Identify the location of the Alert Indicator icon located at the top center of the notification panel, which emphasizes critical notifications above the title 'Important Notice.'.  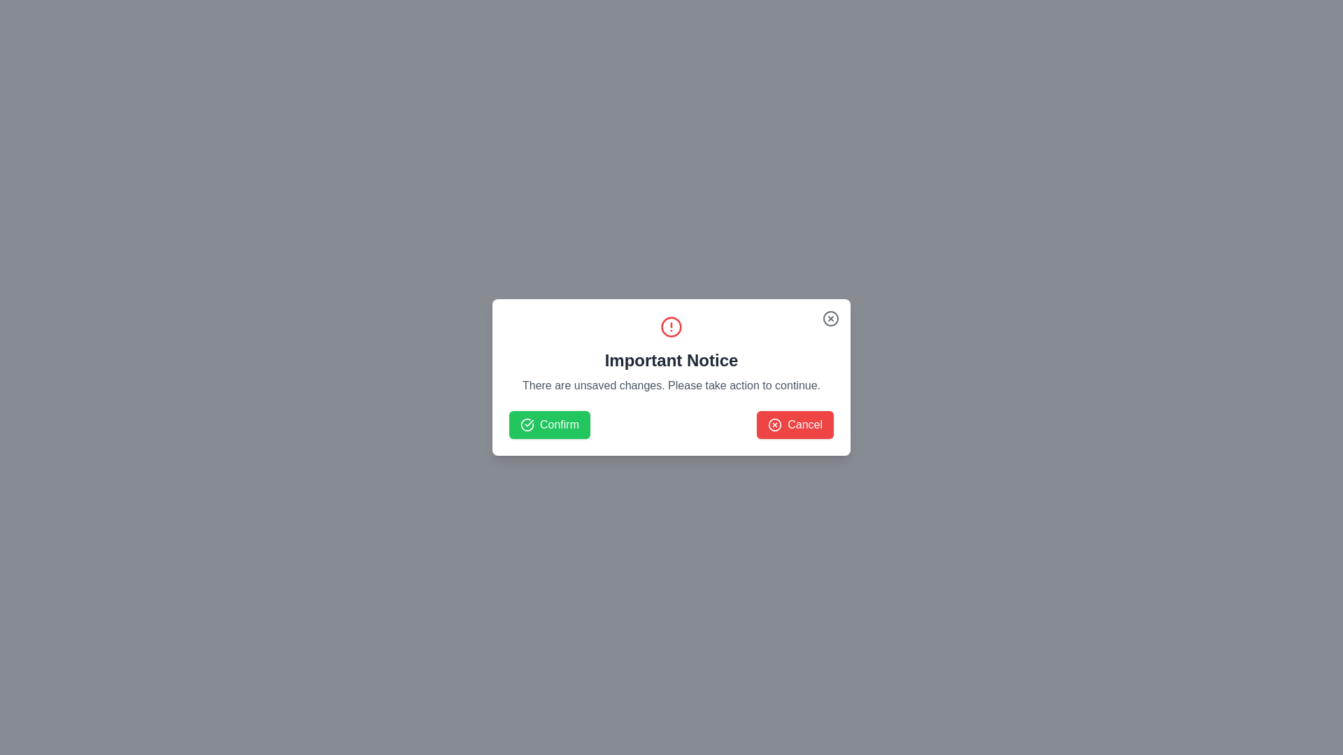
(671, 326).